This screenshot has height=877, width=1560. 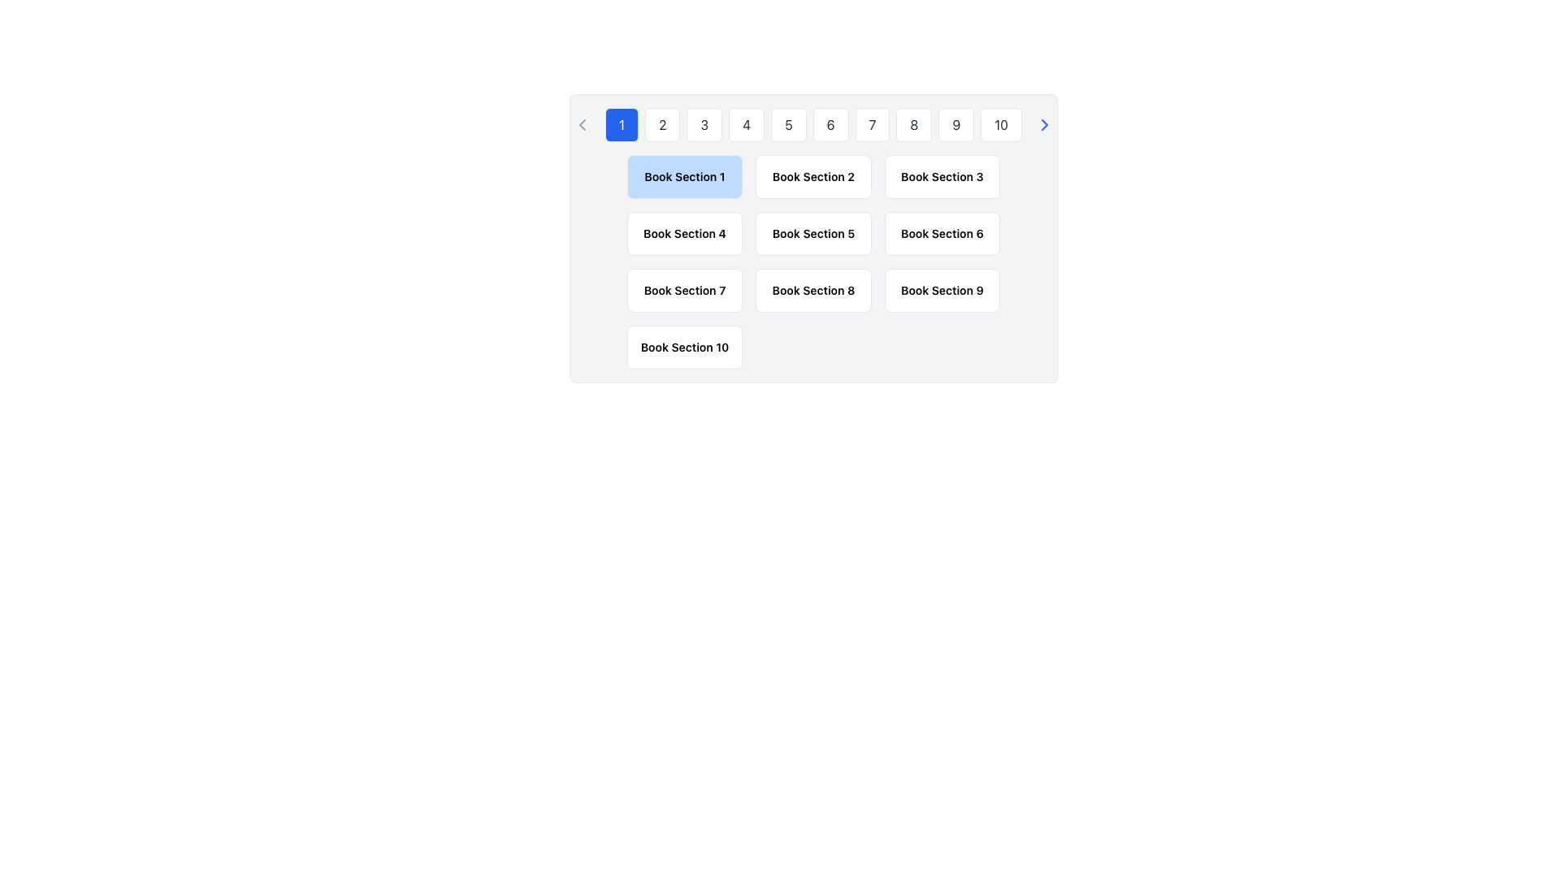 I want to click on the second navigation button in the horizontal list that is positioned, so click(x=662, y=124).